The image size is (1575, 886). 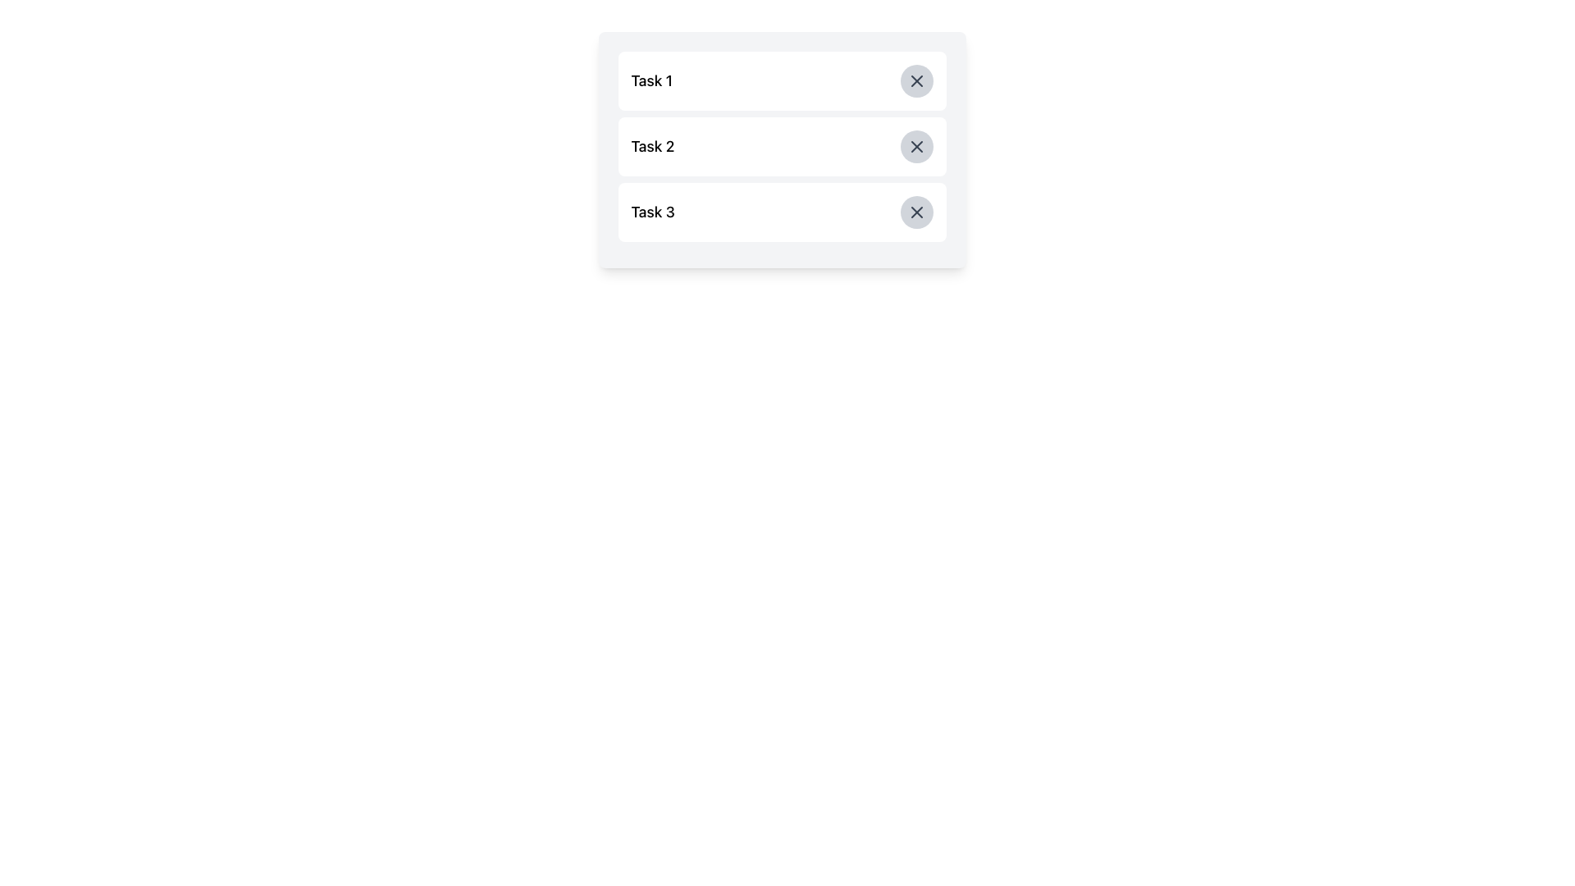 What do you see at coordinates (781, 149) in the screenshot?
I see `any task within the vertical list of tasks, which includes 'Task 1', 'Task 2', and 'Task 3'` at bounding box center [781, 149].